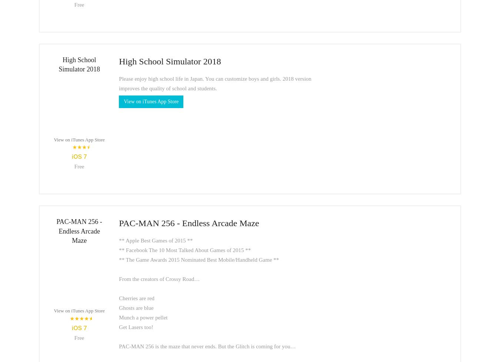 This screenshot has width=500, height=362. Describe the element at coordinates (184, 250) in the screenshot. I see `'** Facebook The 10 Most Talked About Games of 2015 **'` at that location.